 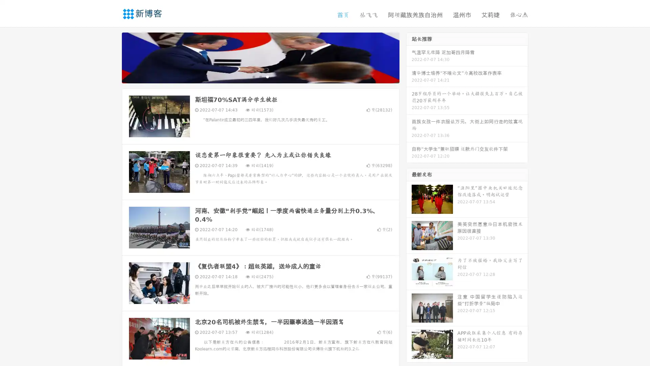 What do you see at coordinates (253, 76) in the screenshot?
I see `Go to slide 1` at bounding box center [253, 76].